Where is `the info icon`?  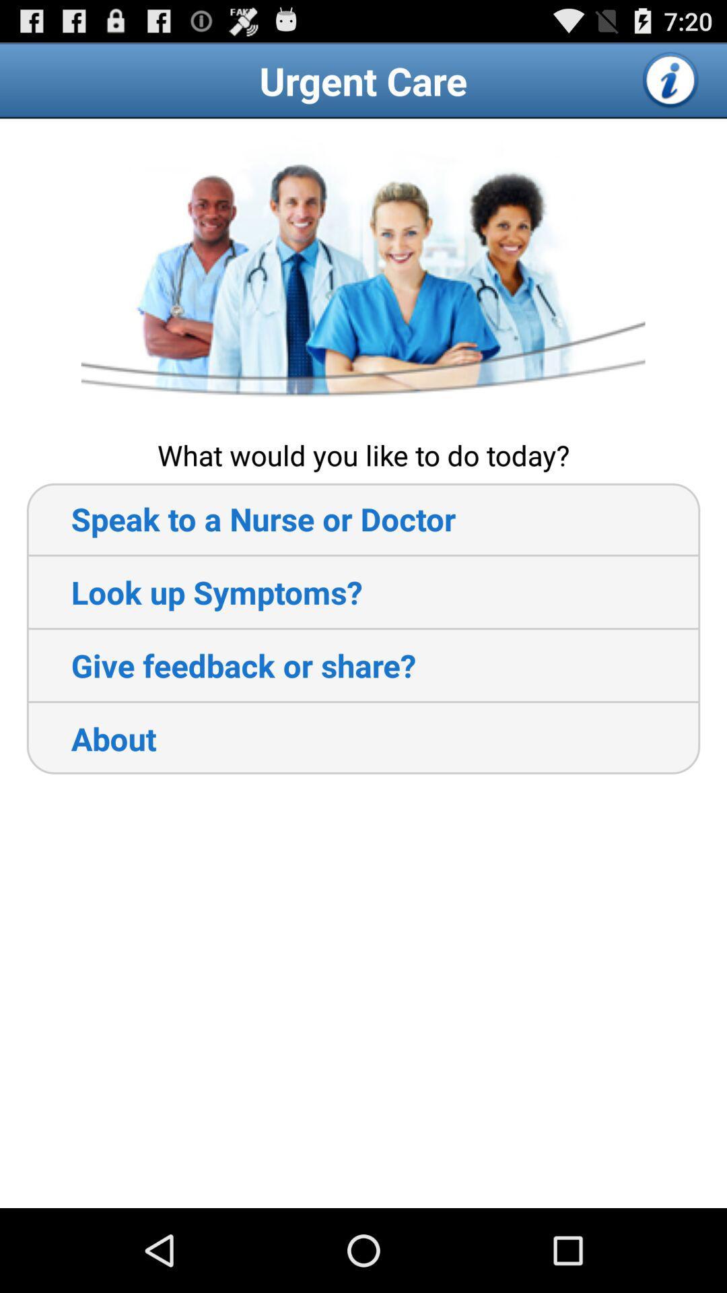 the info icon is located at coordinates (671, 85).